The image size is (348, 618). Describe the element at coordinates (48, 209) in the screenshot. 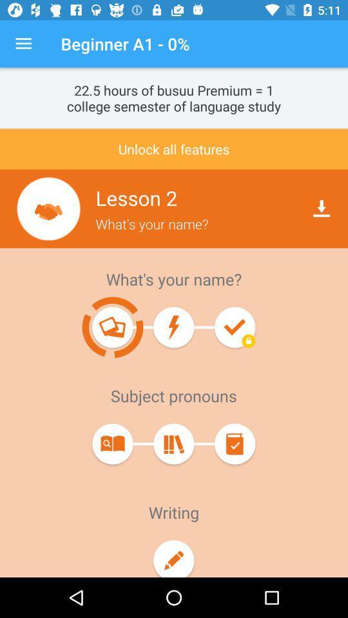

I see `the image right to lesson 2` at that location.